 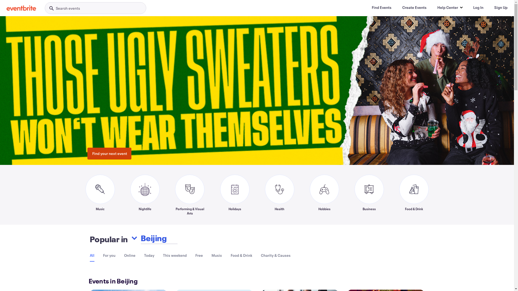 What do you see at coordinates (96, 8) in the screenshot?
I see `'Search events'` at bounding box center [96, 8].